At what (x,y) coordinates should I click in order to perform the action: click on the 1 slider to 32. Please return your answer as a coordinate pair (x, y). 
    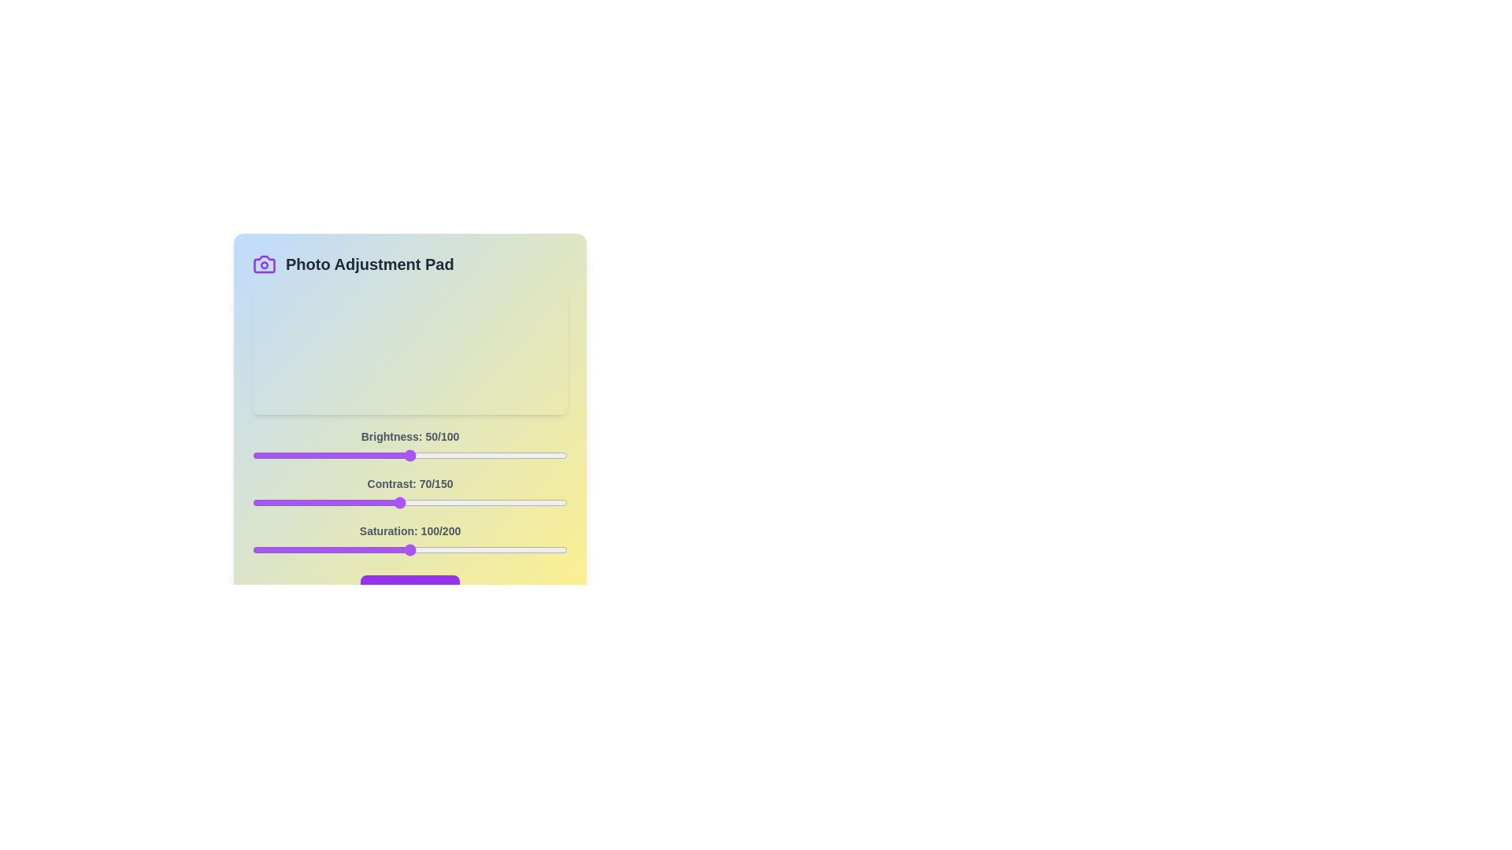
    Looking at the image, I should click on (319, 503).